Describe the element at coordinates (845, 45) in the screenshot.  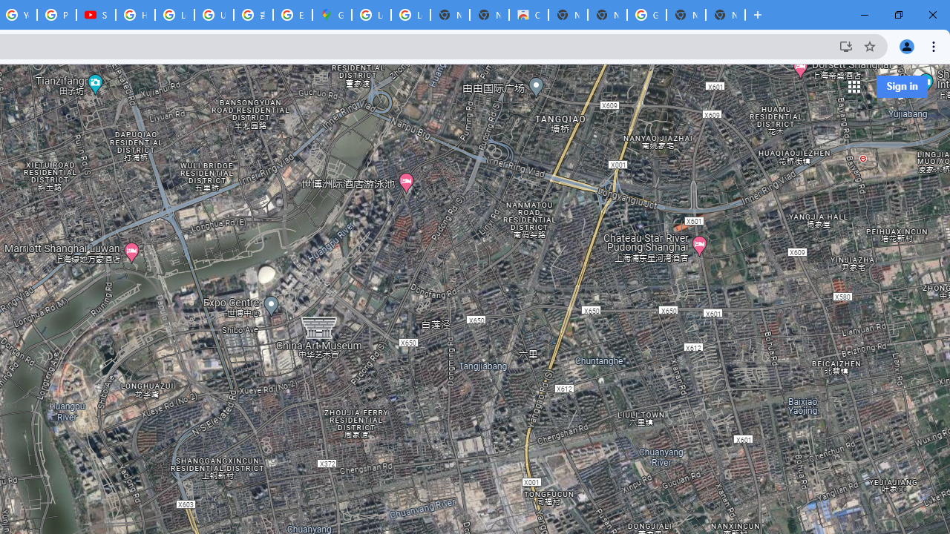
I see `'Install Google Maps'` at that location.